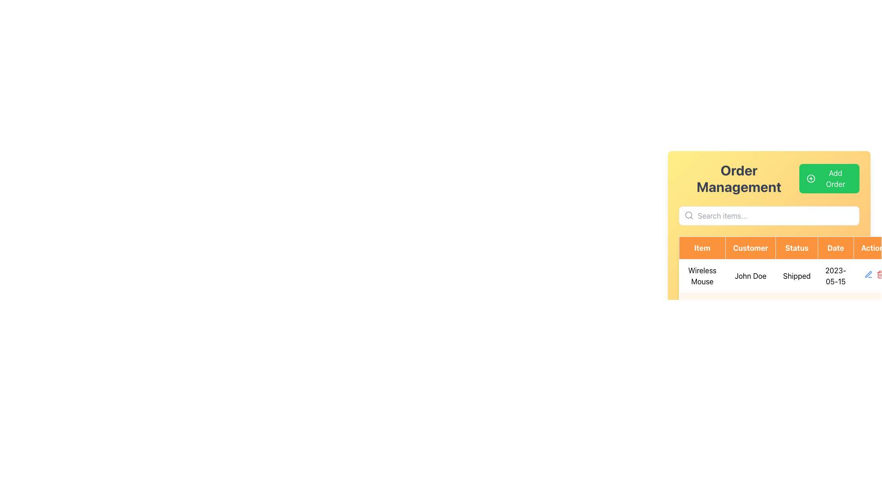 The image size is (882, 496). What do you see at coordinates (701, 275) in the screenshot?
I see `the non-interactive Text label that displays the item name in the order information row of the table` at bounding box center [701, 275].